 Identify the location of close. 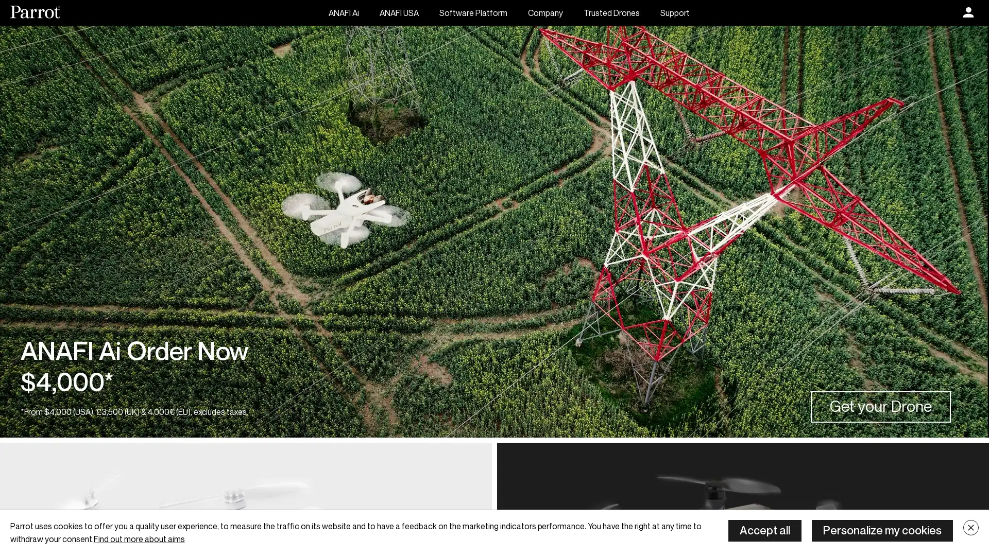
(970, 528).